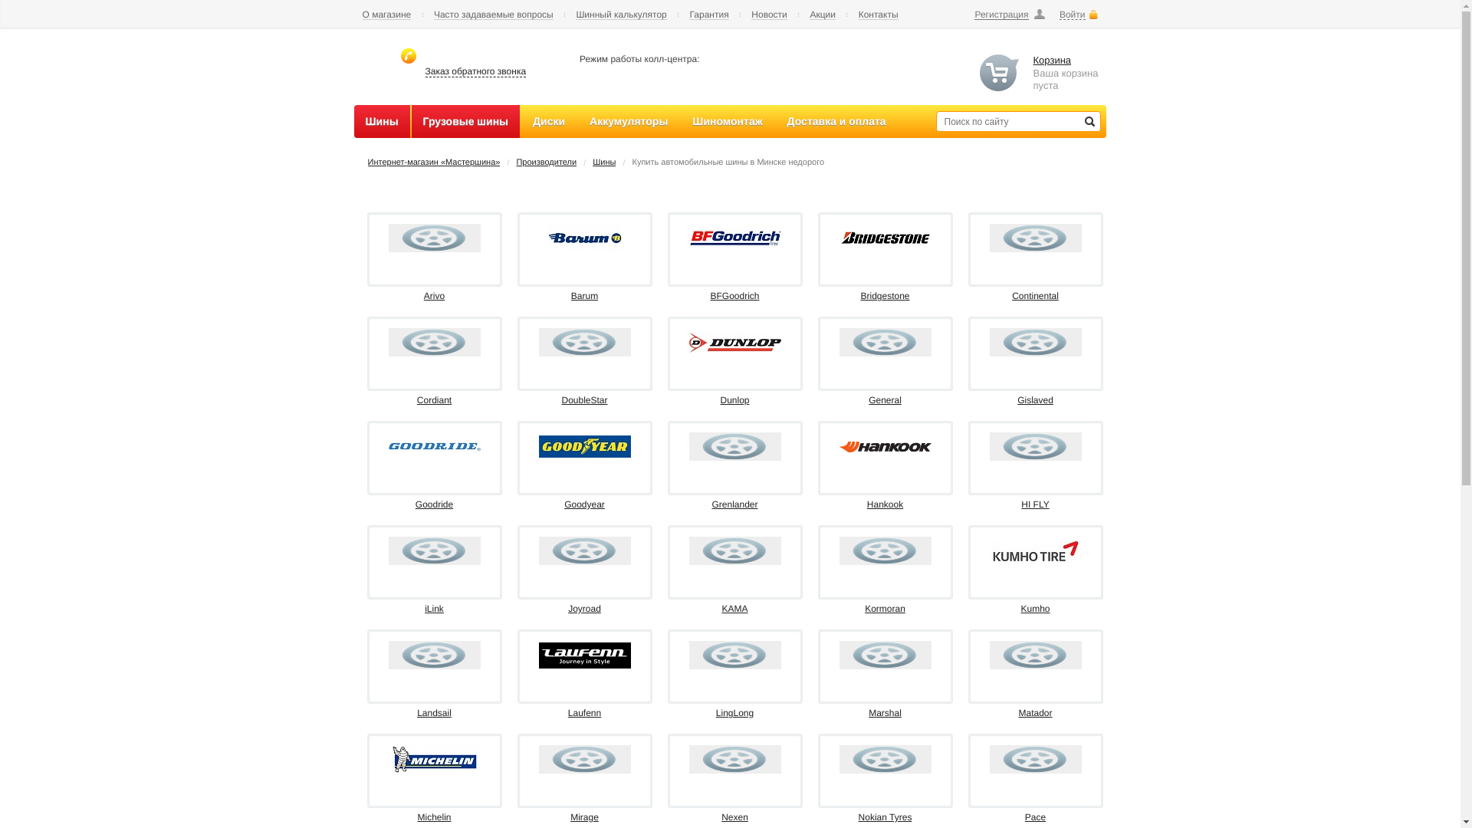  I want to click on 'Cordiant', so click(433, 399).